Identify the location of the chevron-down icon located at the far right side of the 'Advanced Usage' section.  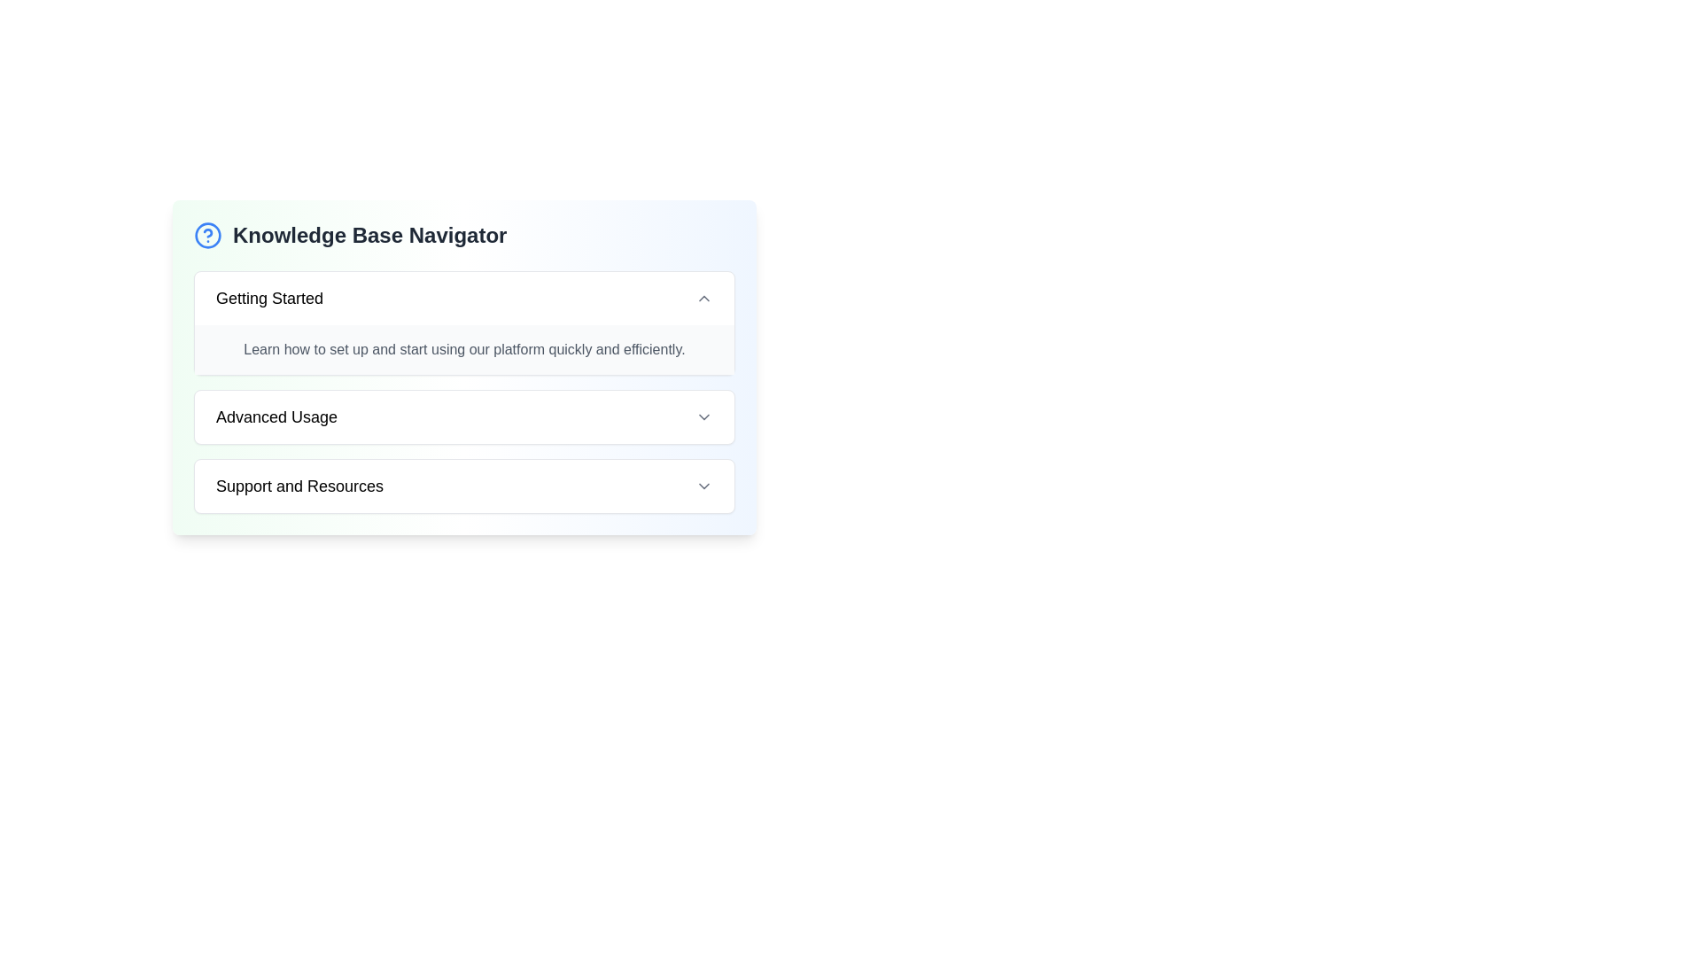
(703, 416).